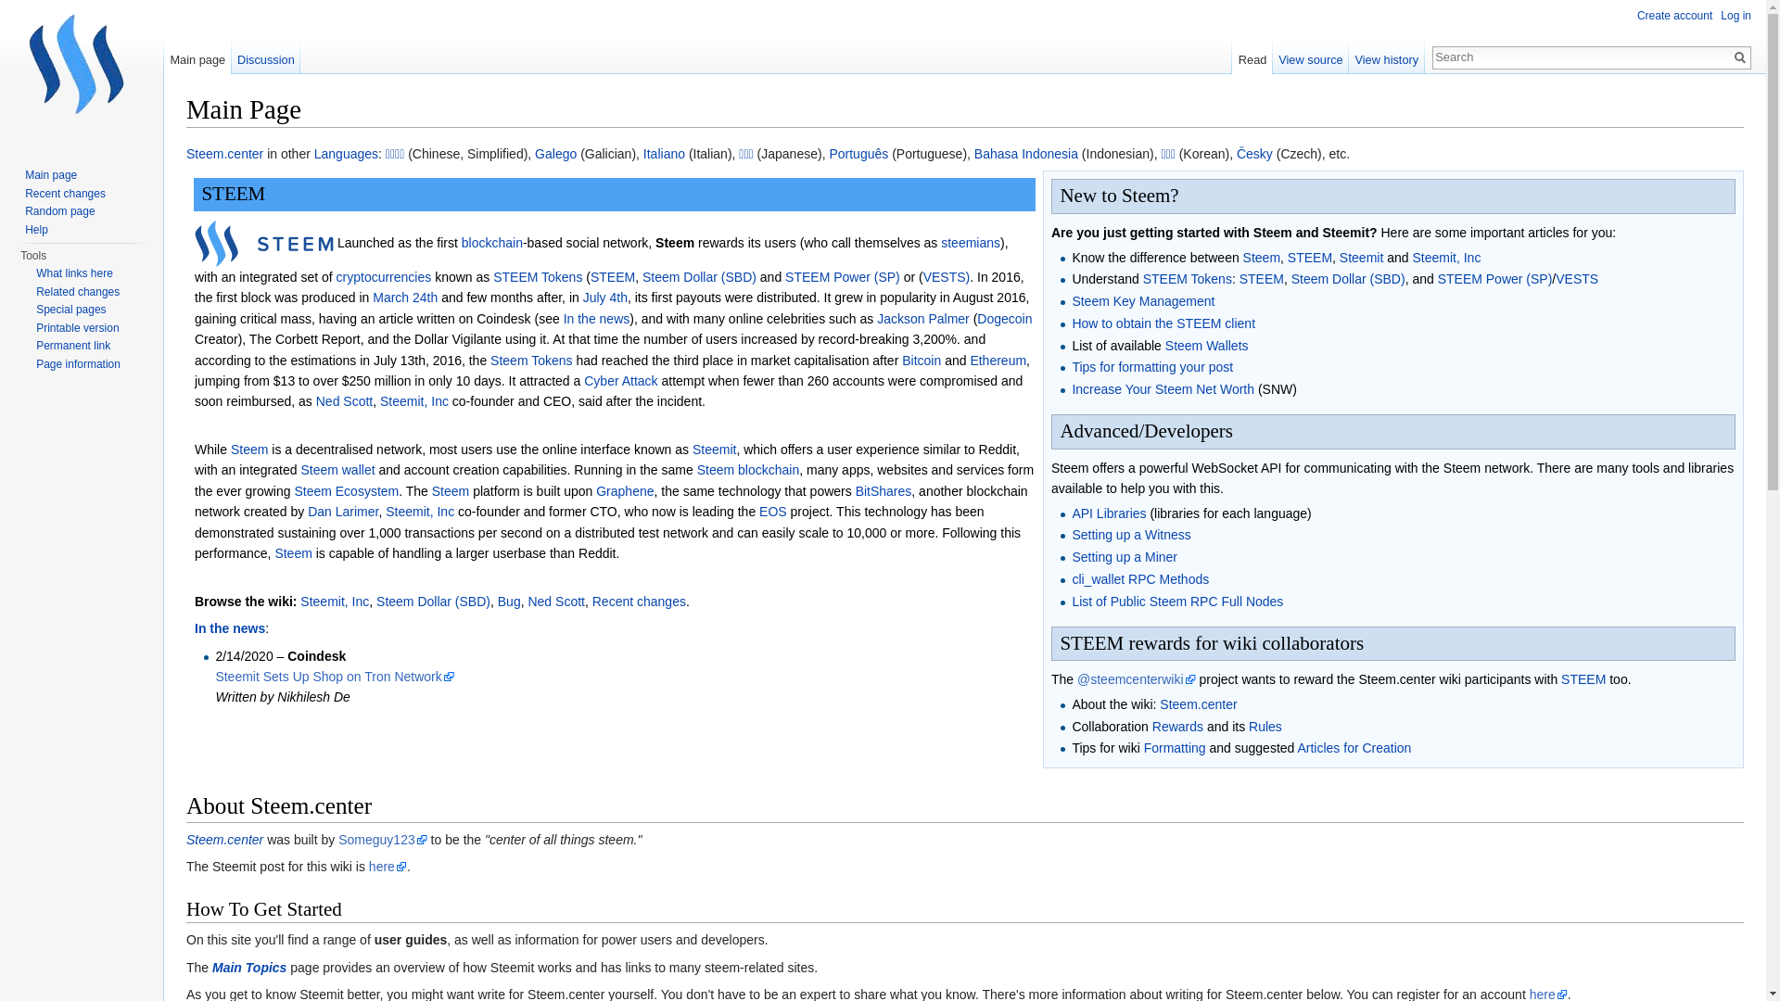 This screenshot has width=1780, height=1001. What do you see at coordinates (1072, 535) in the screenshot?
I see `'Setting up a Witness'` at bounding box center [1072, 535].